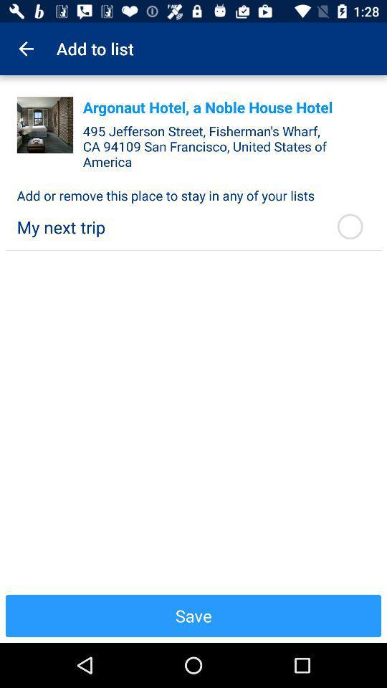  I want to click on the item above save, so click(349, 226).